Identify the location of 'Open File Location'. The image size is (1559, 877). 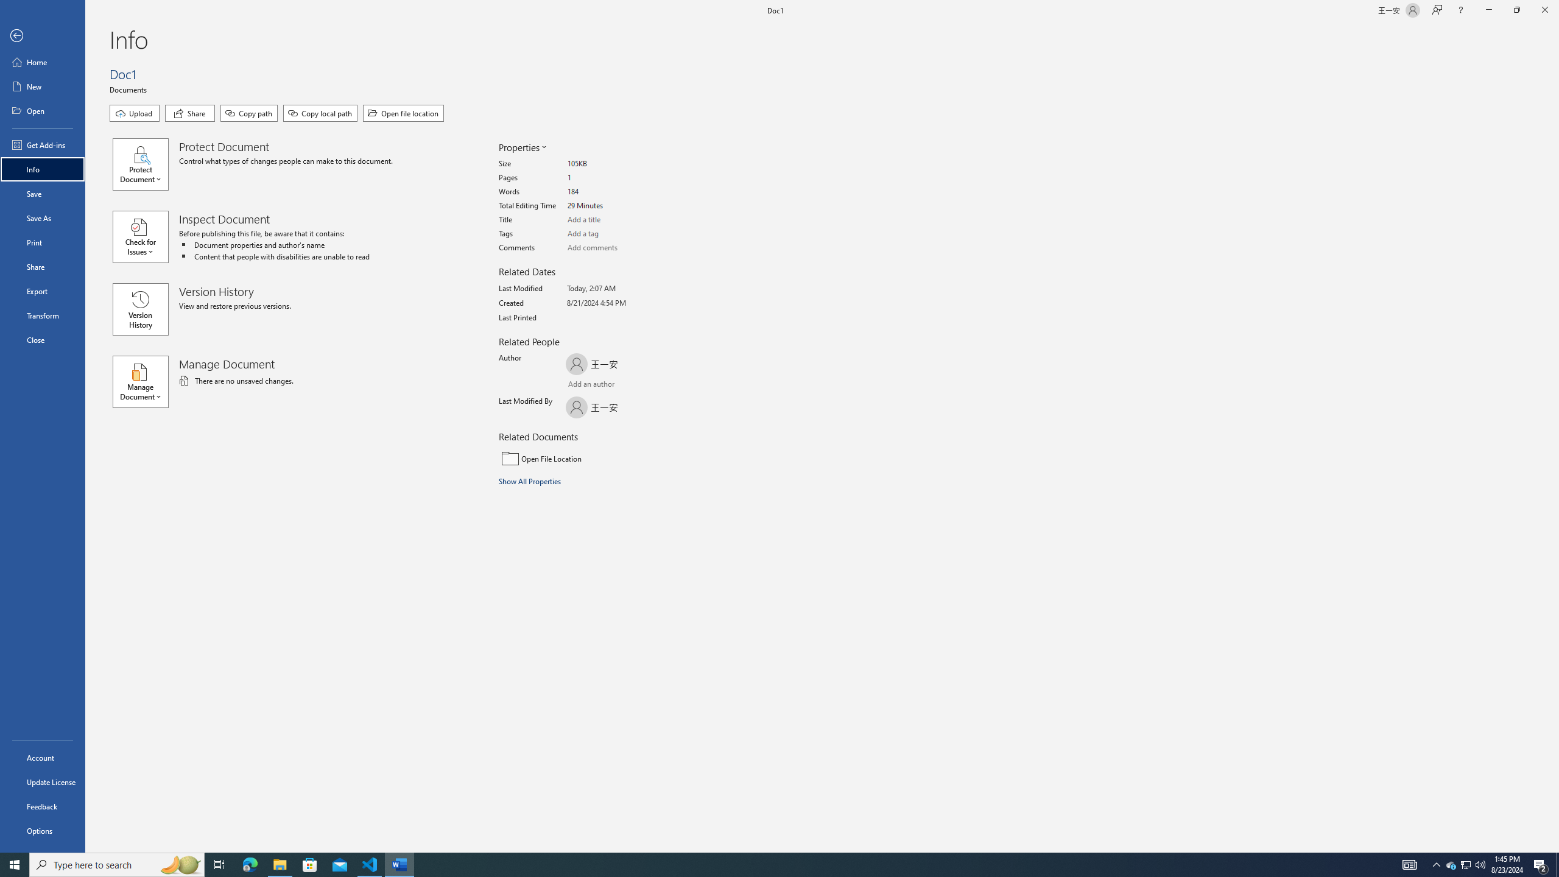
(580, 458).